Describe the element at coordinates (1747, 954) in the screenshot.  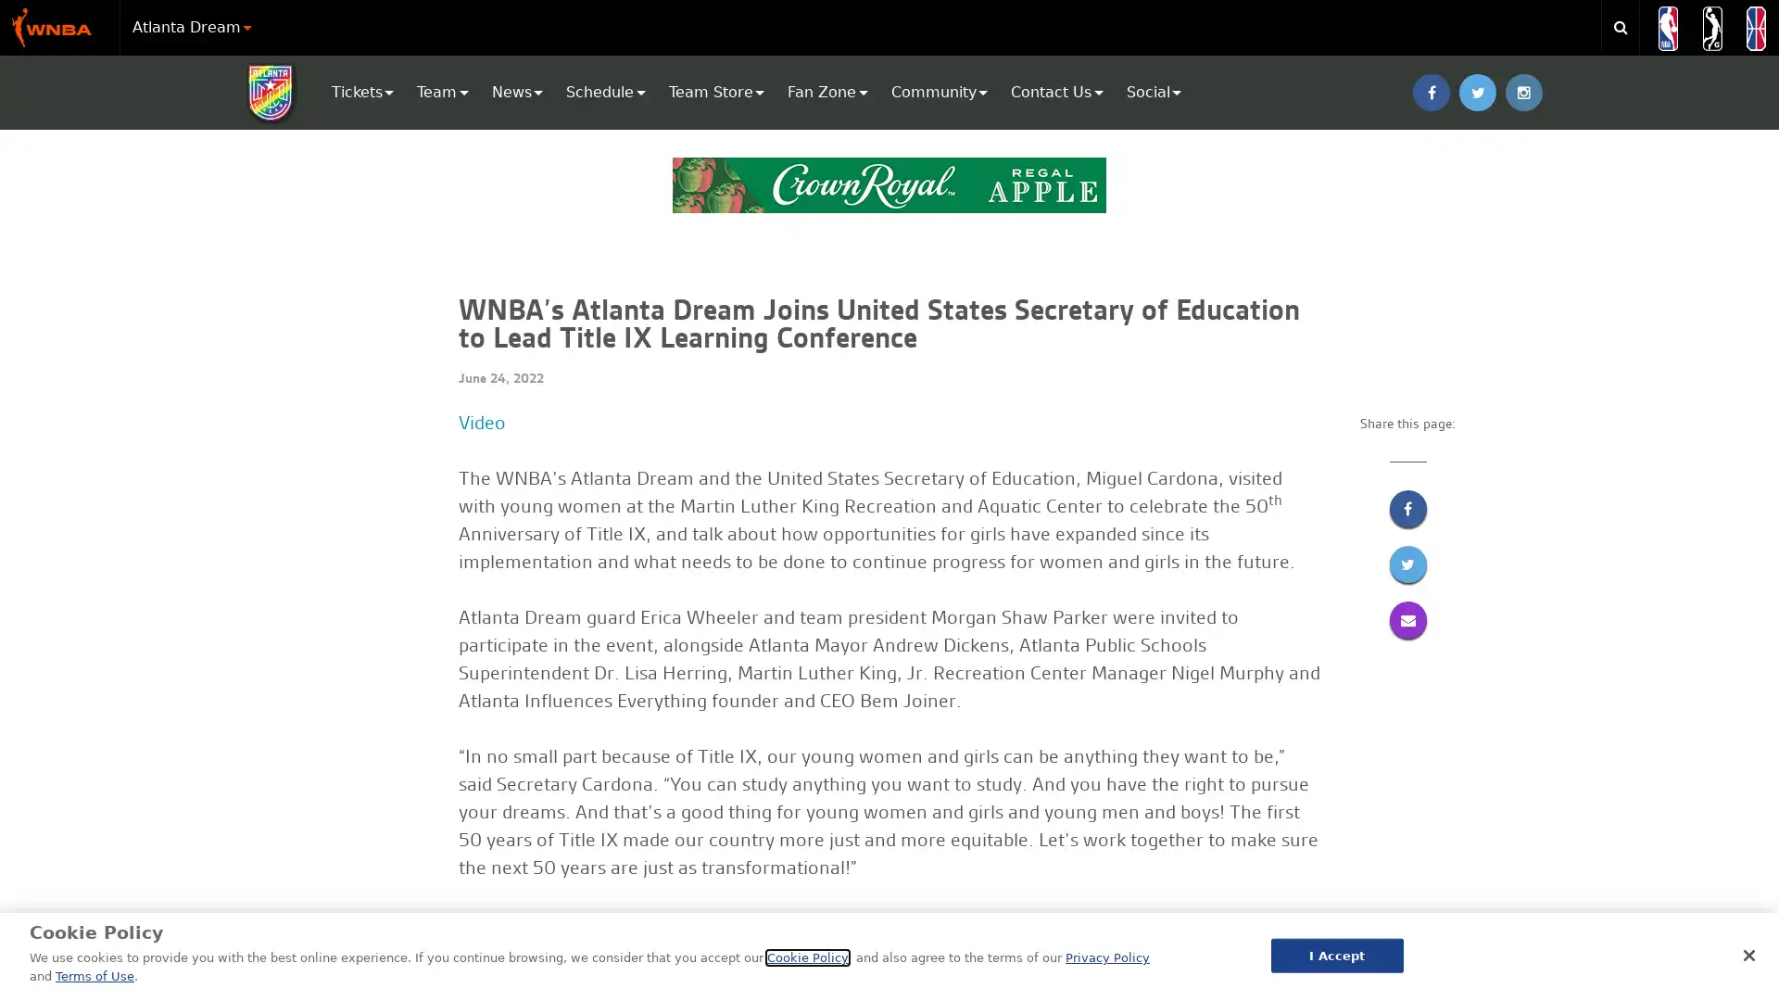
I see `Close` at that location.